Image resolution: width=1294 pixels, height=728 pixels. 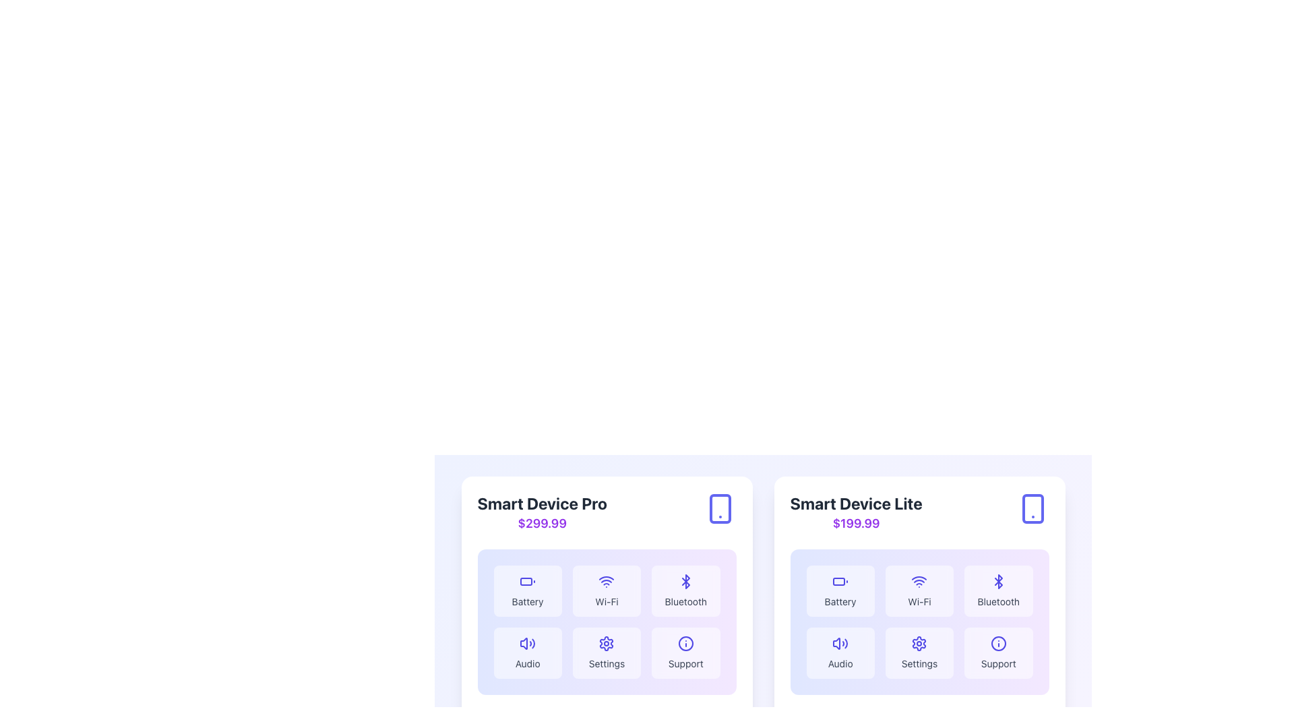 I want to click on the outermost curve of the SVG sound wave icon located in the upper-right corner of the 'Smart Device Lite' card, so click(x=845, y=643).